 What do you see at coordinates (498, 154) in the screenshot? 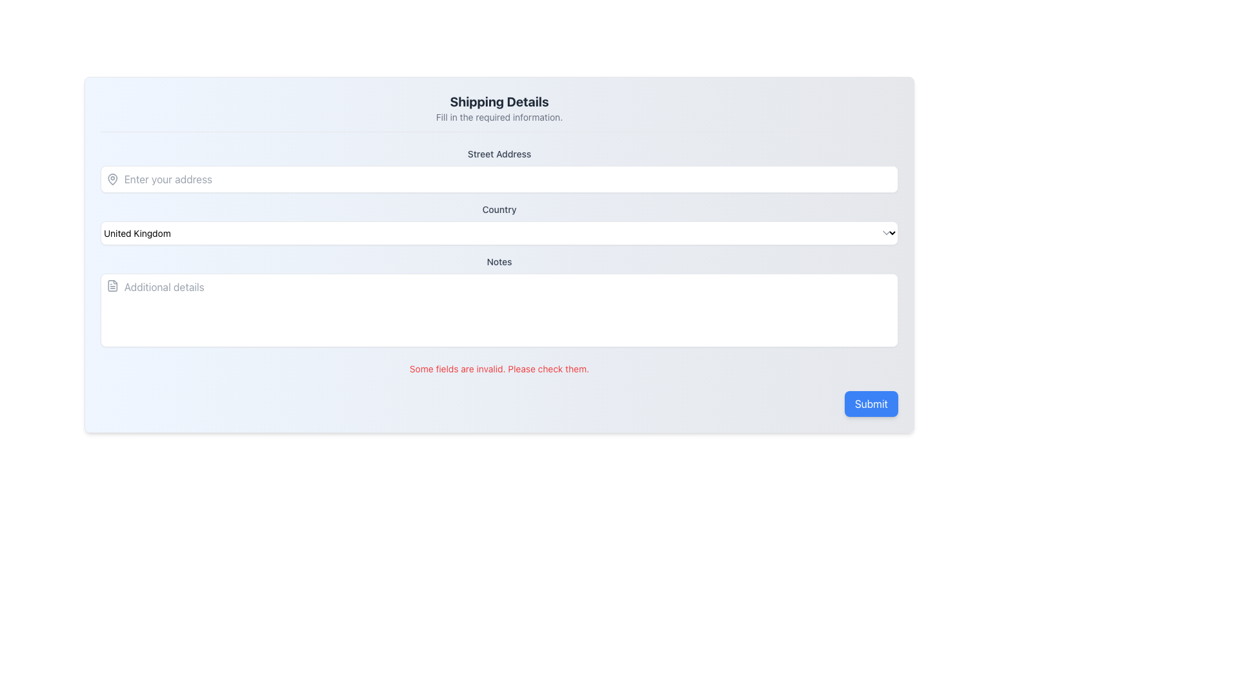
I see `the text label displaying 'Street Address', which is styled in a small, gray font and positioned above the input field with the placeholder 'Enter your address'` at bounding box center [498, 154].